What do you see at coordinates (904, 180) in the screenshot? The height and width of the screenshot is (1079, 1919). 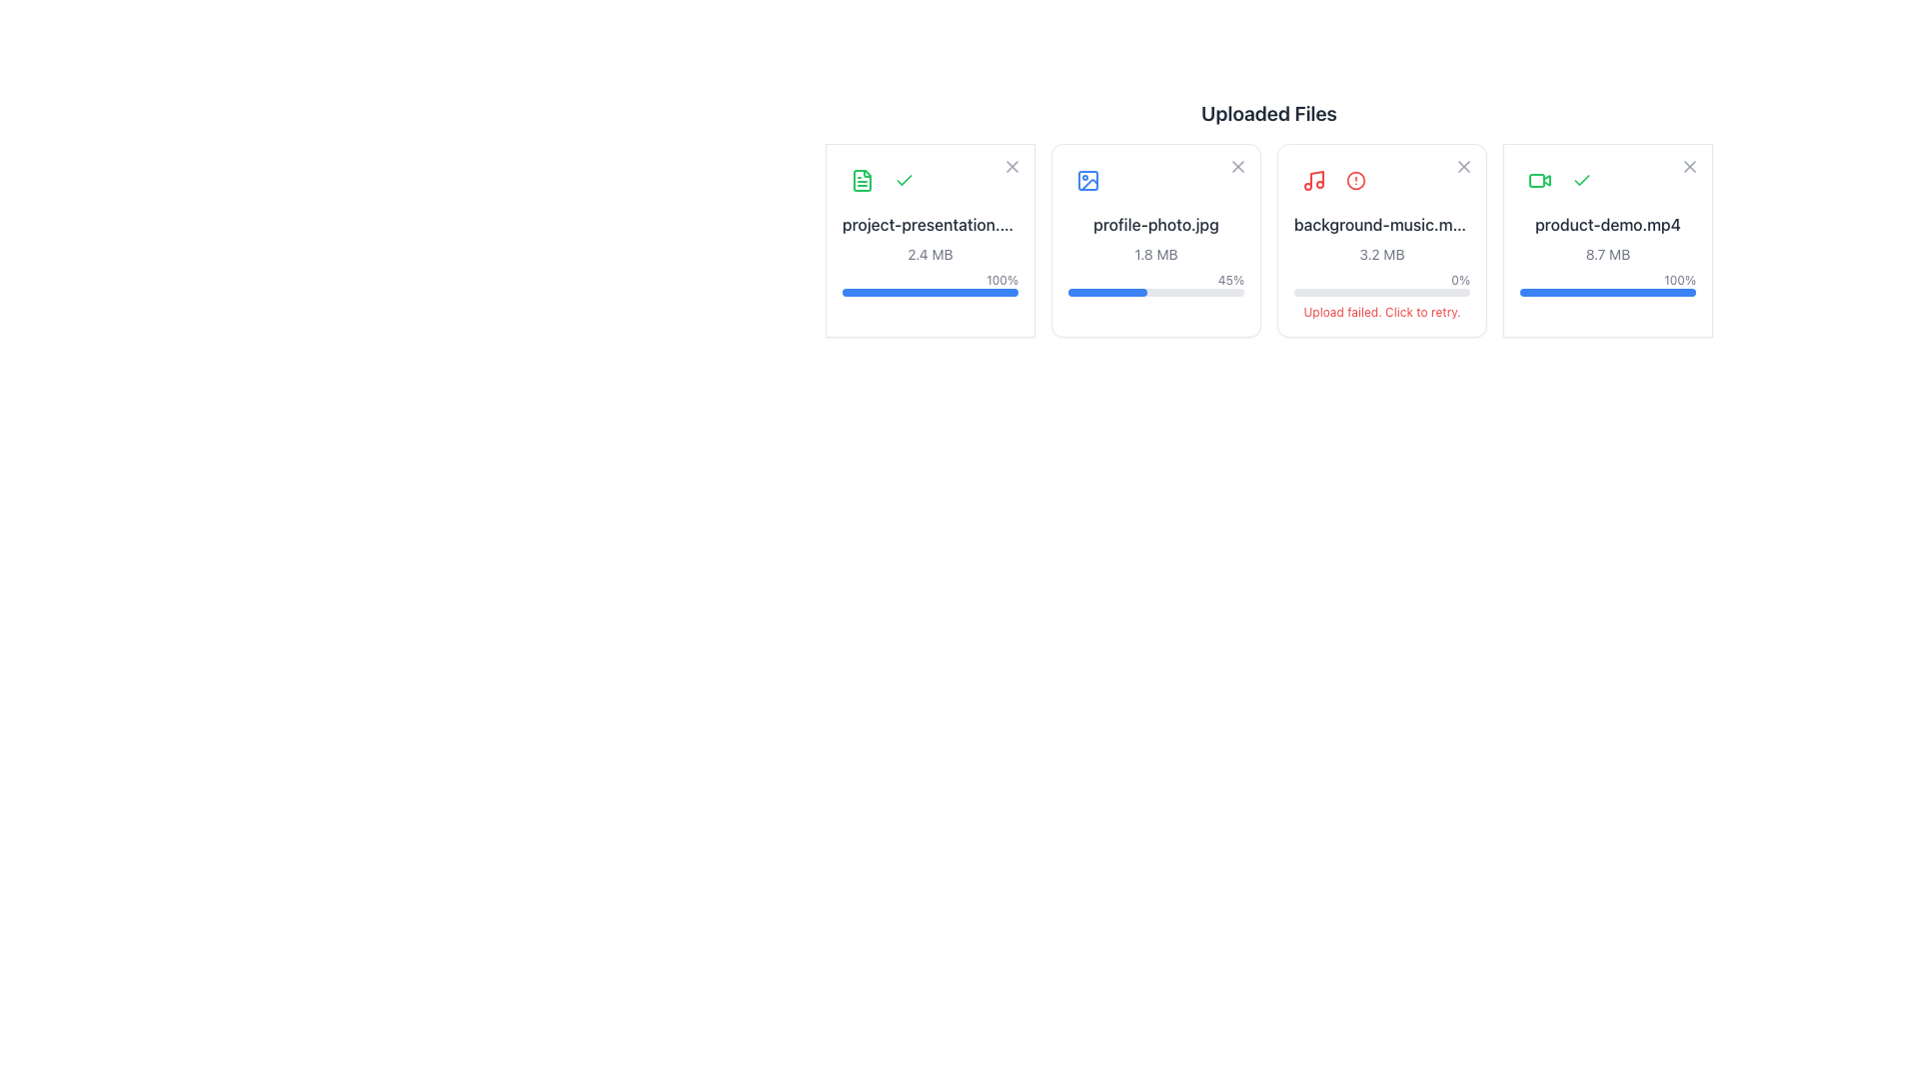 I see `the checkmark icon indicating successful upload of 'product-demo.mp4'` at bounding box center [904, 180].